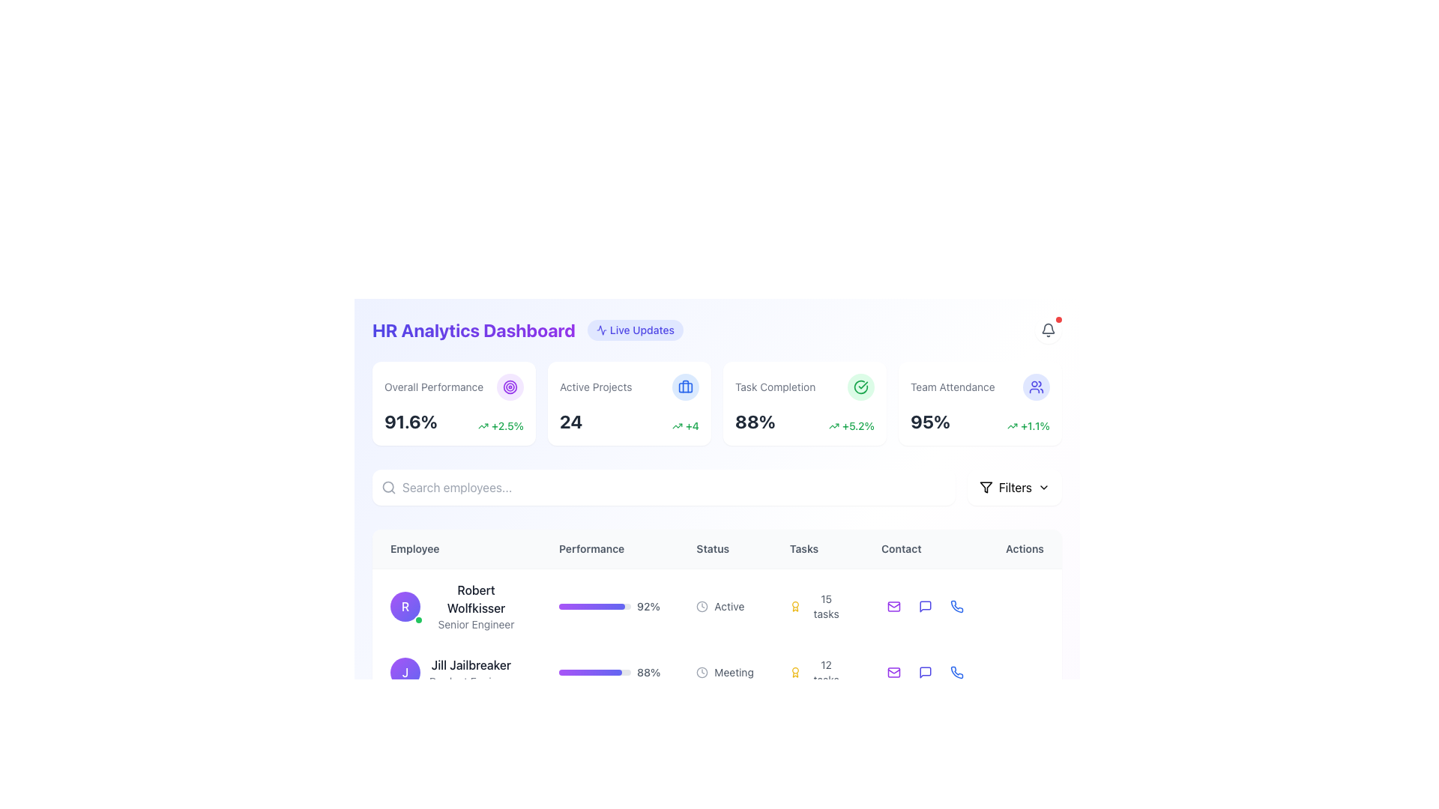  What do you see at coordinates (1047, 327) in the screenshot?
I see `the bell icon element within the notification section to interact with notifications` at bounding box center [1047, 327].